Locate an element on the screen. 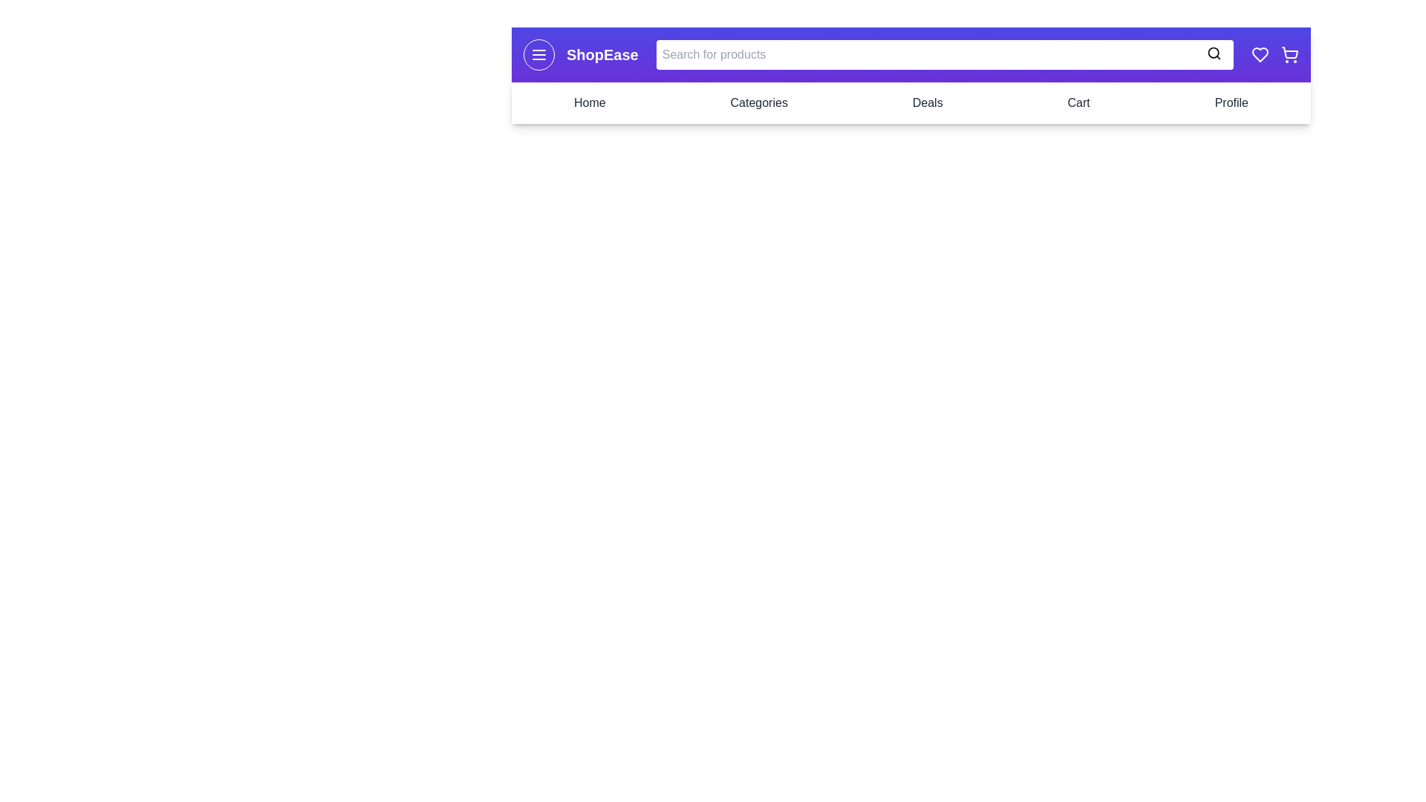  the search input field to focus on it is located at coordinates (944, 53).